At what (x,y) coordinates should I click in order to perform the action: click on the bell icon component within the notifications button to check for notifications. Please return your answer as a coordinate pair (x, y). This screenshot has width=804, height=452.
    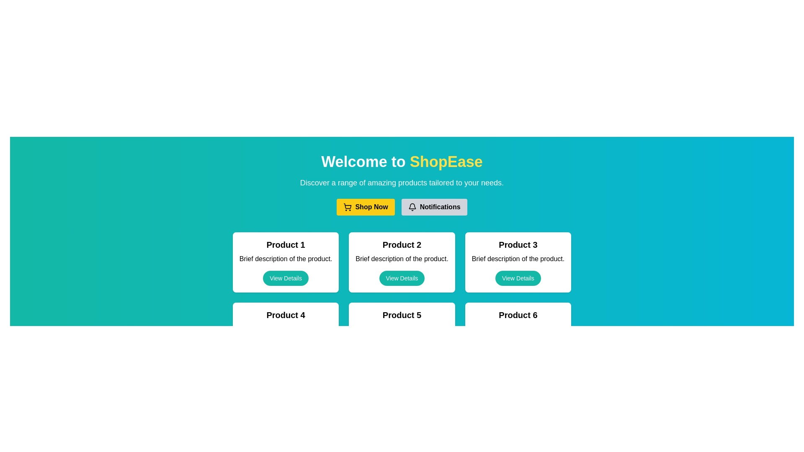
    Looking at the image, I should click on (412, 206).